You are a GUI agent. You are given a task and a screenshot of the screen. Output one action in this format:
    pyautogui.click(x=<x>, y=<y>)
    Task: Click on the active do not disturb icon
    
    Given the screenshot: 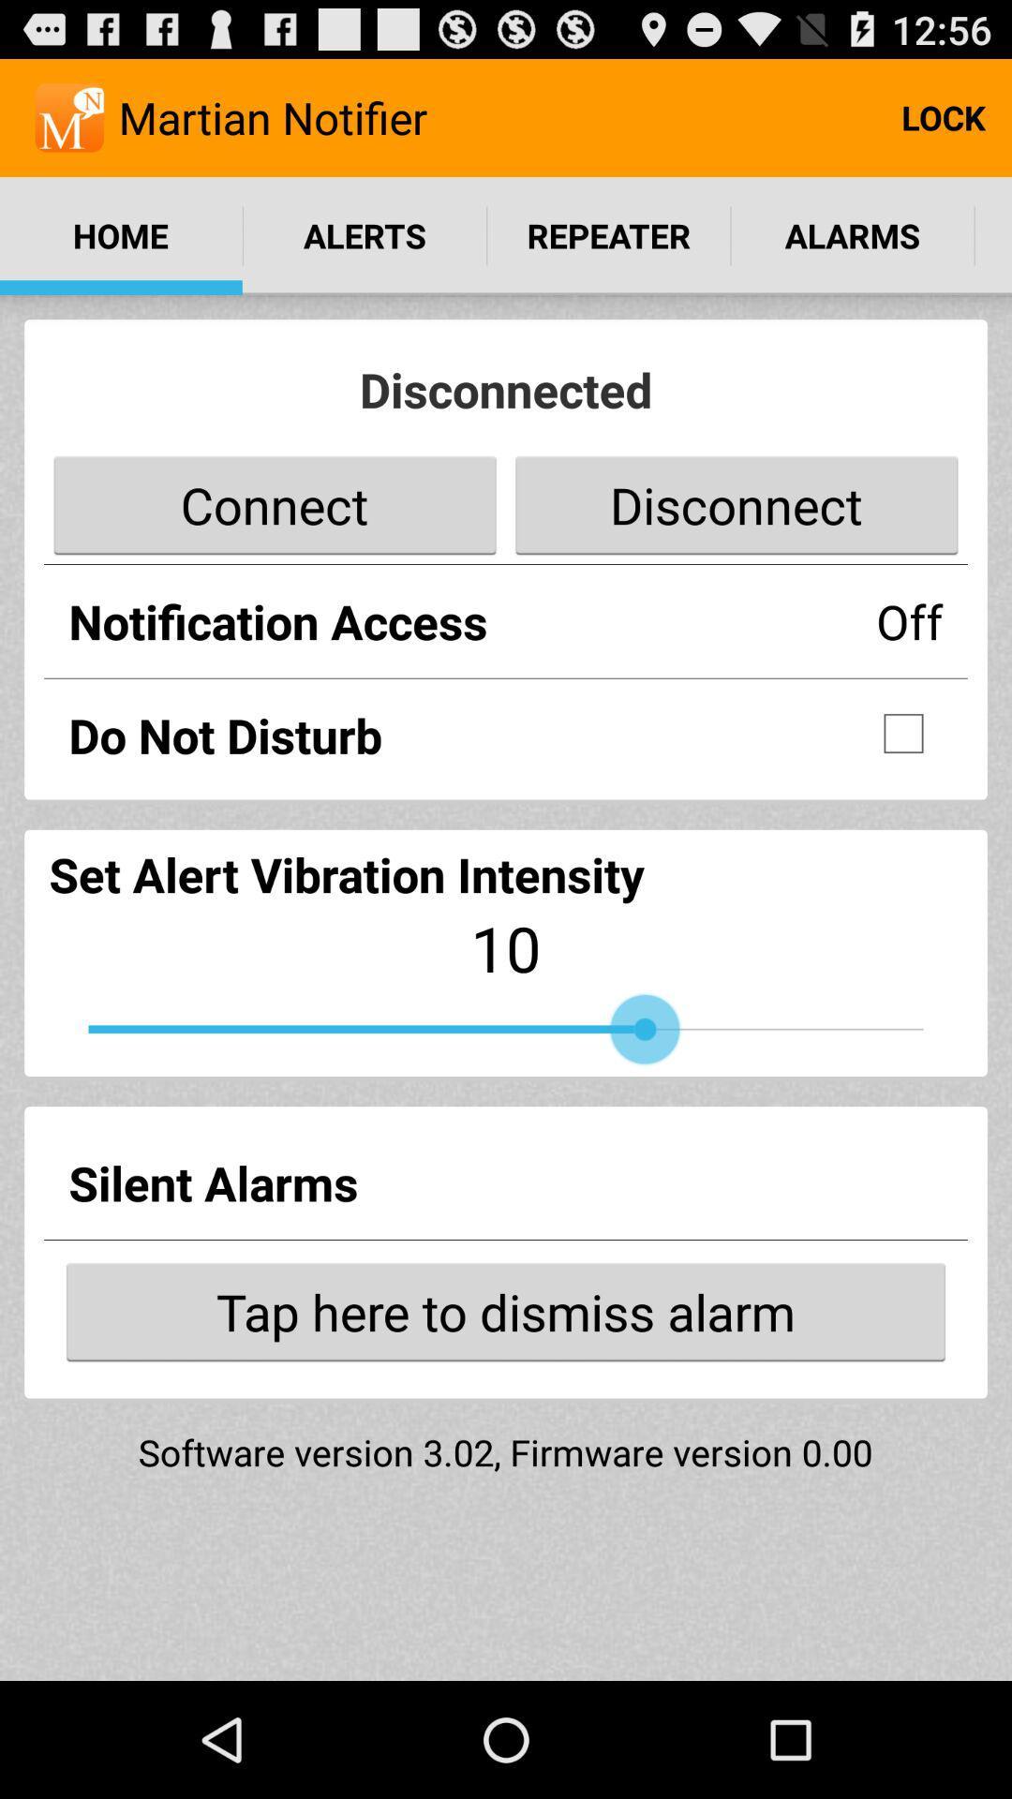 What is the action you would take?
    pyautogui.click(x=902, y=732)
    